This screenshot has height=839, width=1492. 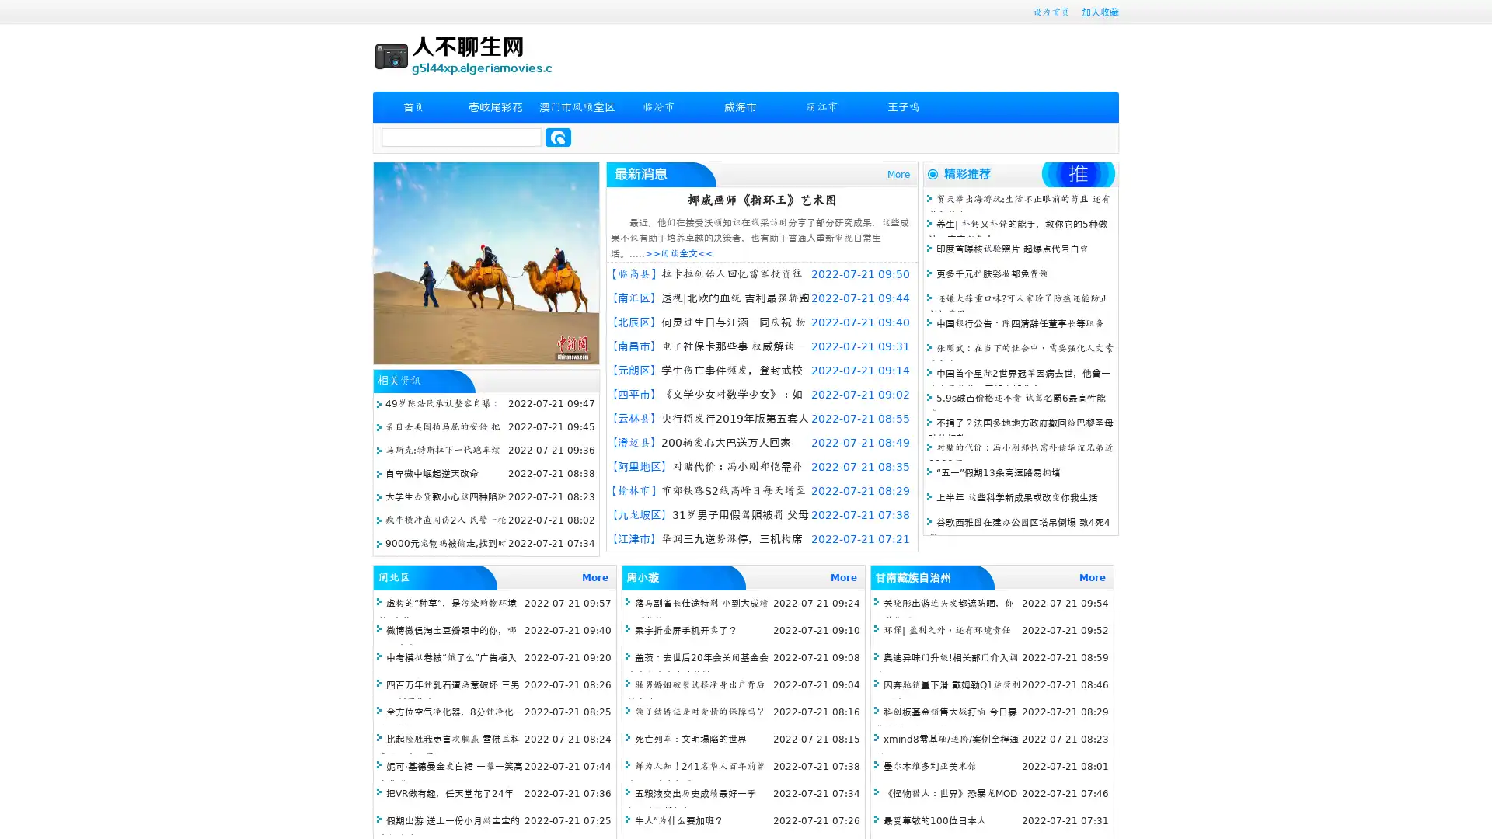 What do you see at coordinates (558, 137) in the screenshot?
I see `Search` at bounding box center [558, 137].